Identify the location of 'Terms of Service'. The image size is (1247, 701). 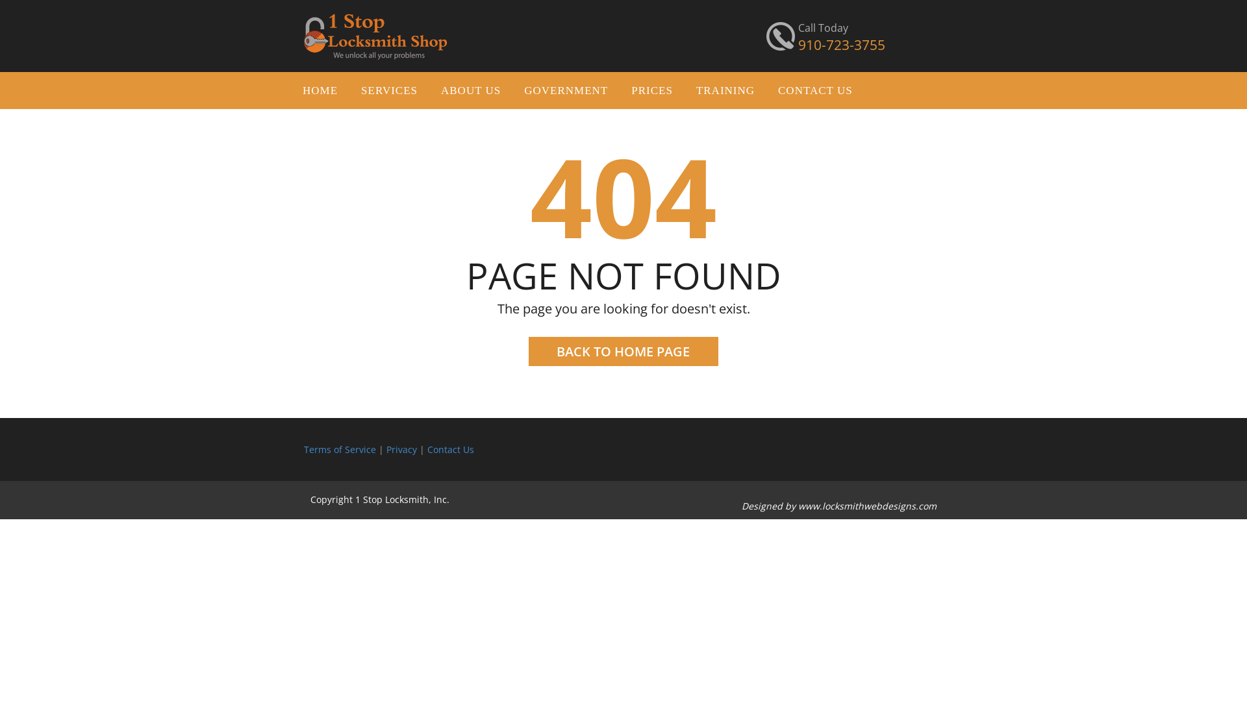
(303, 449).